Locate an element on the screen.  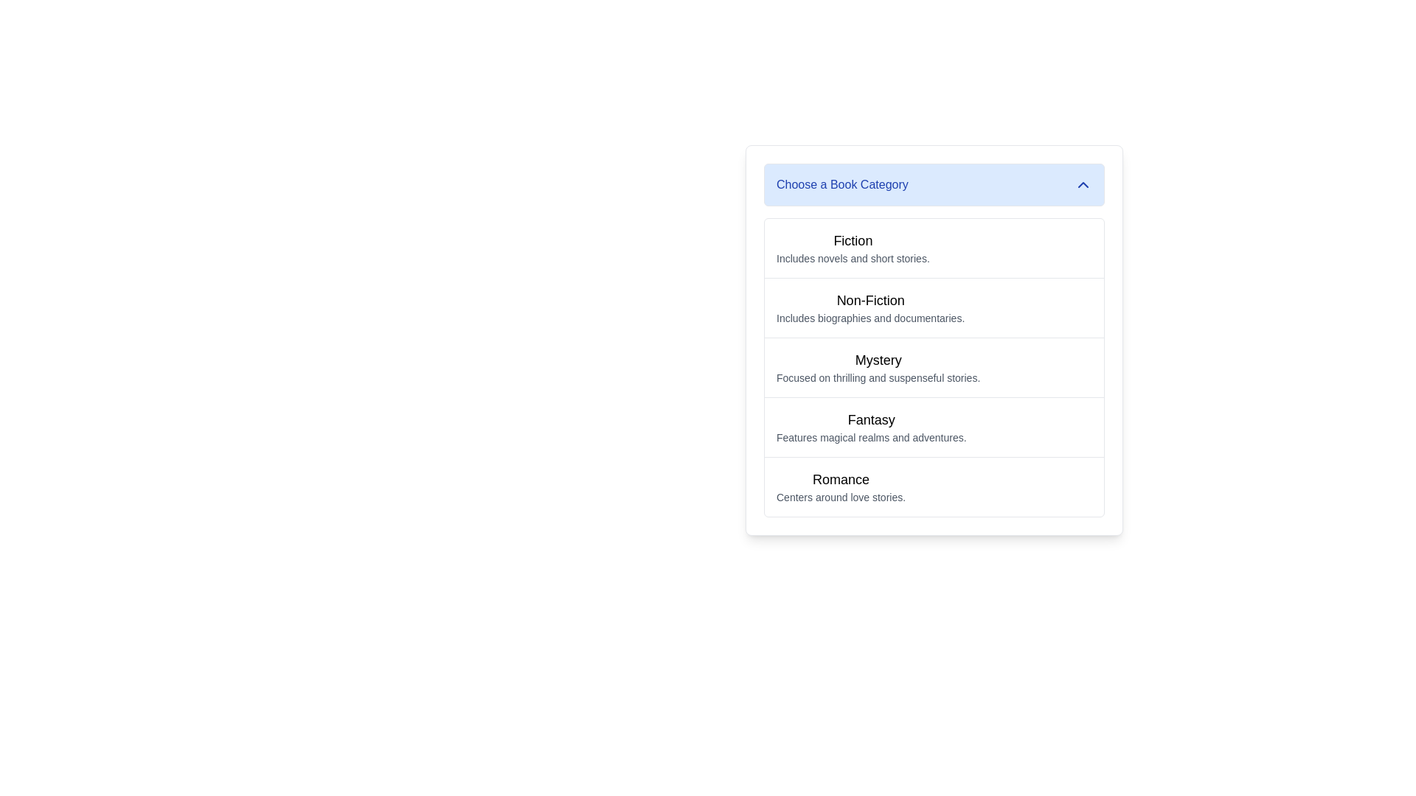
text providing a brief description of the 'Mystery' category located below the 'Mystery' heading in the 'Choose a Book Category' list is located at coordinates (878, 377).